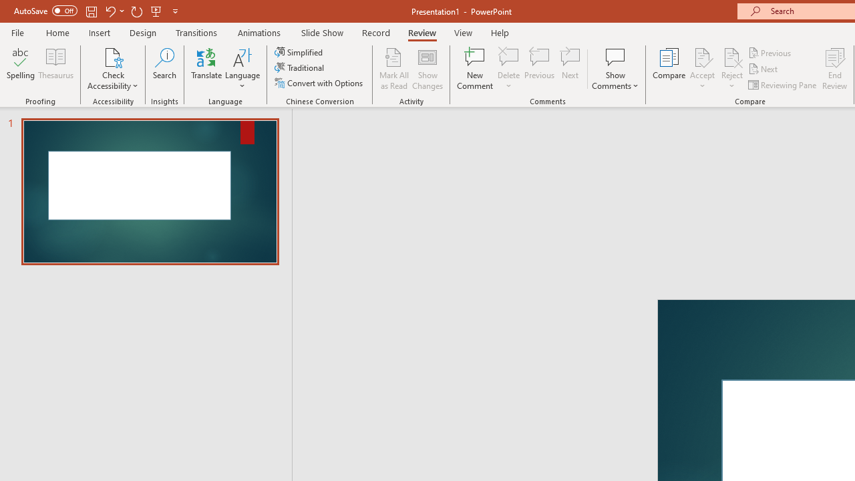  What do you see at coordinates (669, 69) in the screenshot?
I see `'Compare'` at bounding box center [669, 69].